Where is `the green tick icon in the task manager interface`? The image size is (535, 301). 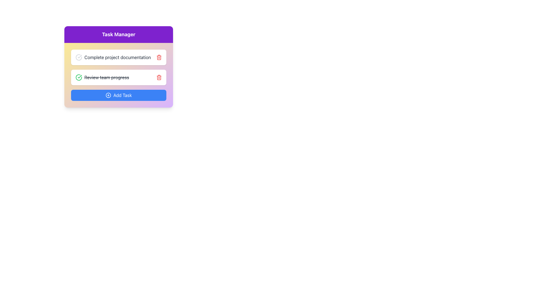 the green tick icon in the task manager interface is located at coordinates (79, 76).